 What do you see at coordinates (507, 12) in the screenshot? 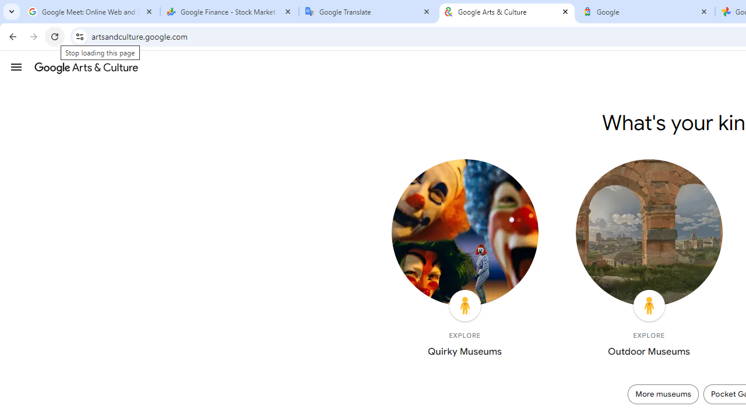
I see `'Google Arts & Culture'` at bounding box center [507, 12].